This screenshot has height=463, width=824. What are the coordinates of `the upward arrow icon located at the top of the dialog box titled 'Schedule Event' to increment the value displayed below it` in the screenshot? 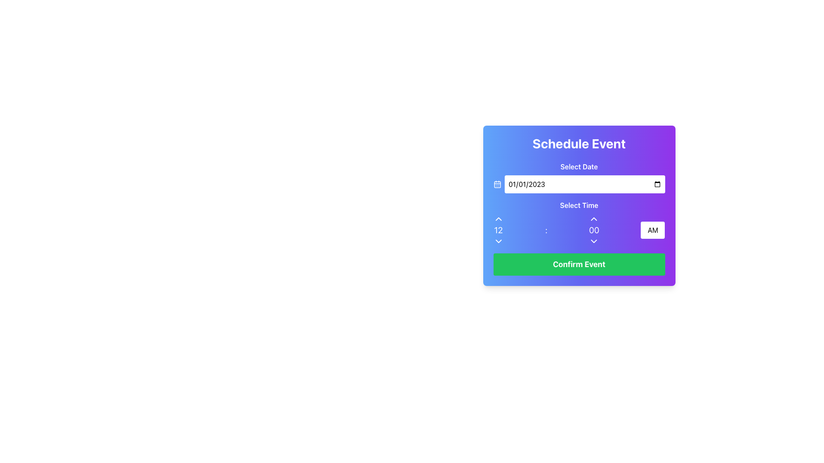 It's located at (498, 218).